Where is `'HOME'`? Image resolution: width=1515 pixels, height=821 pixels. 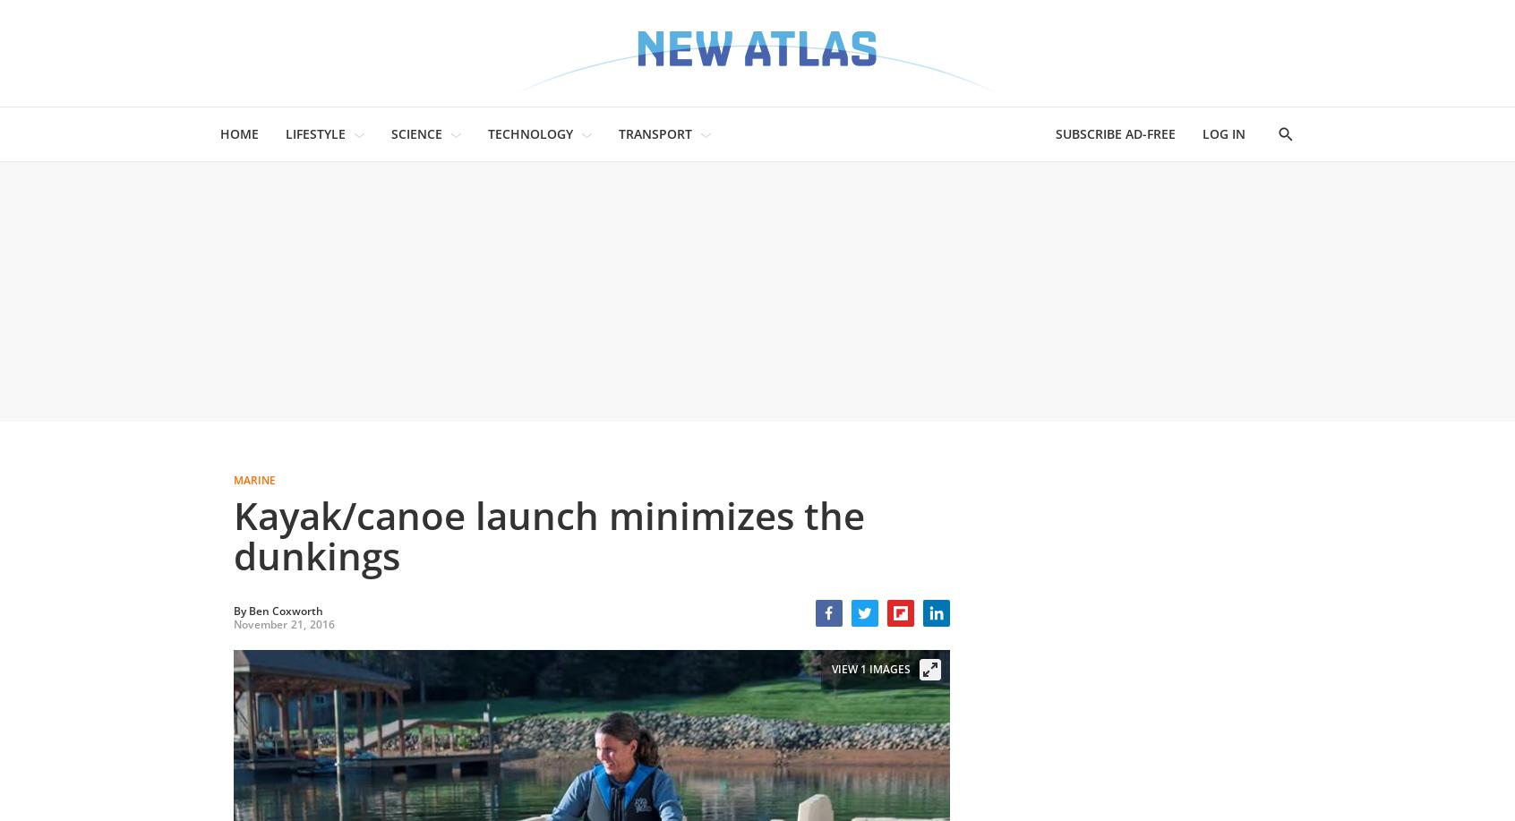 'HOME' is located at coordinates (239, 133).